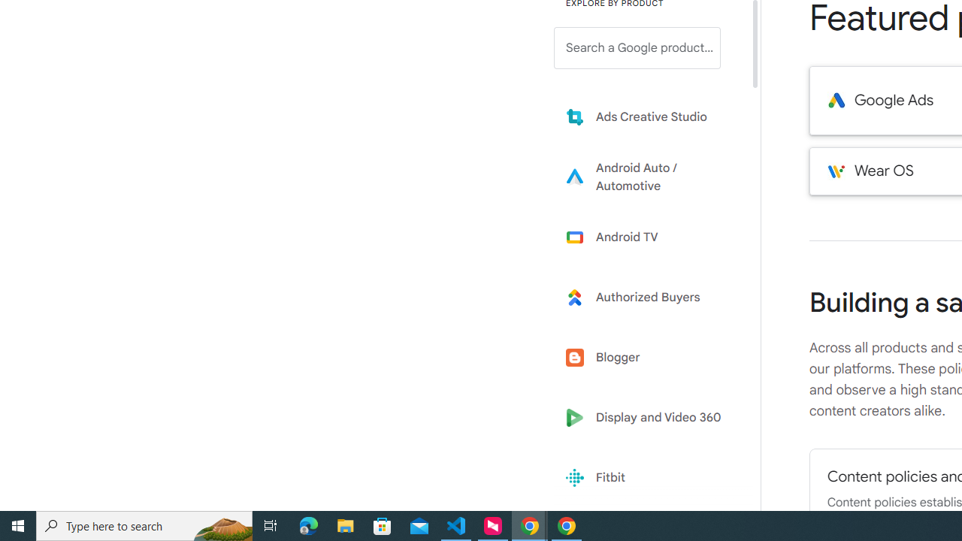  Describe the element at coordinates (648, 176) in the screenshot. I see `'Learn more about Android Auto'` at that location.